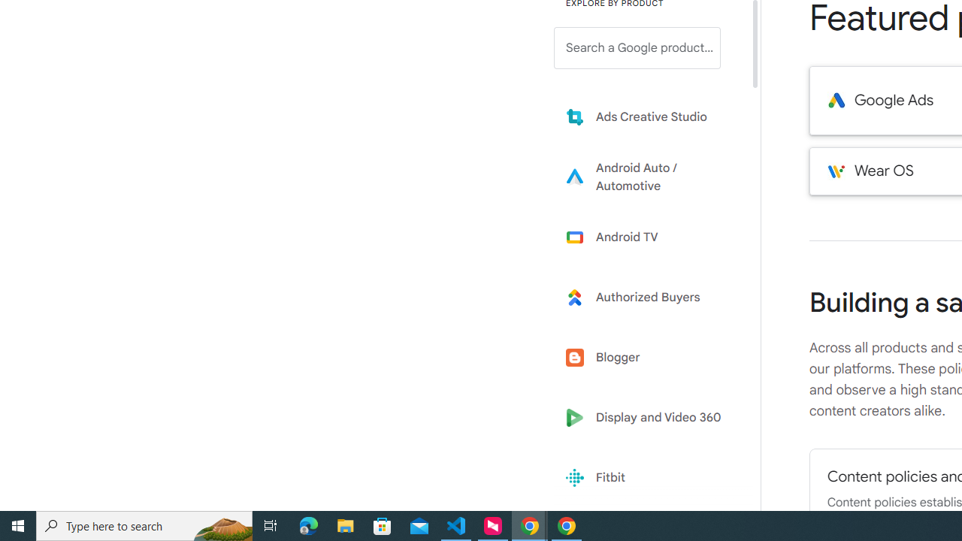  Describe the element at coordinates (648, 176) in the screenshot. I see `'Learn more about Android Auto'` at that location.